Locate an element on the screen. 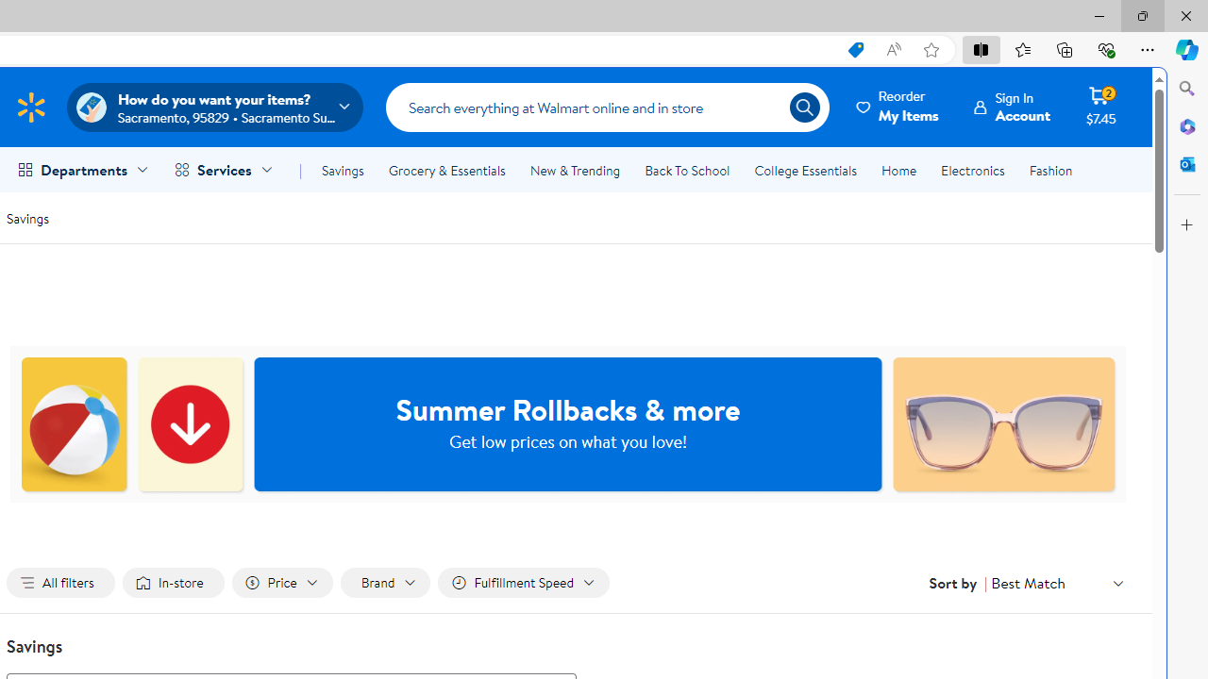 The height and width of the screenshot is (679, 1208). 'Copilot (Ctrl+Shift+.)' is located at coordinates (1186, 48).